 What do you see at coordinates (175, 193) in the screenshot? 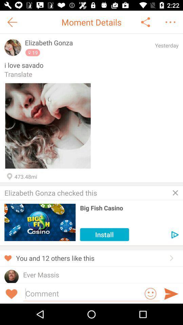
I see `advertisement` at bounding box center [175, 193].